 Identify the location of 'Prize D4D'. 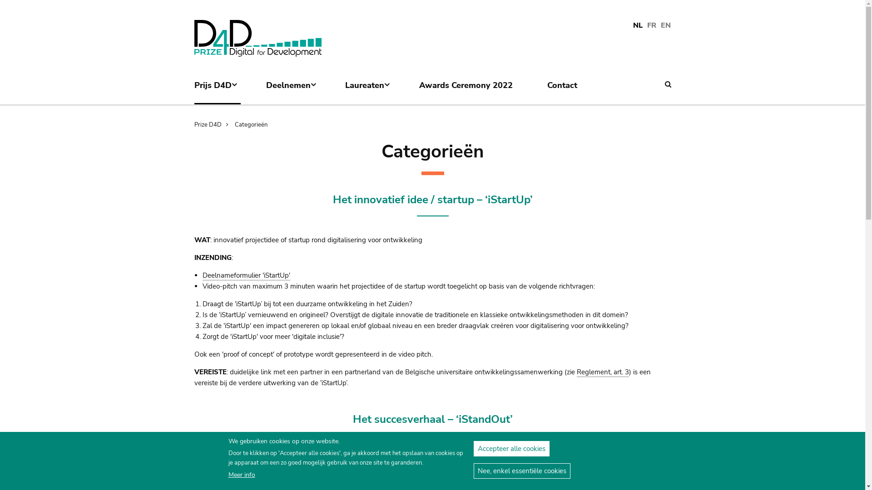
(213, 124).